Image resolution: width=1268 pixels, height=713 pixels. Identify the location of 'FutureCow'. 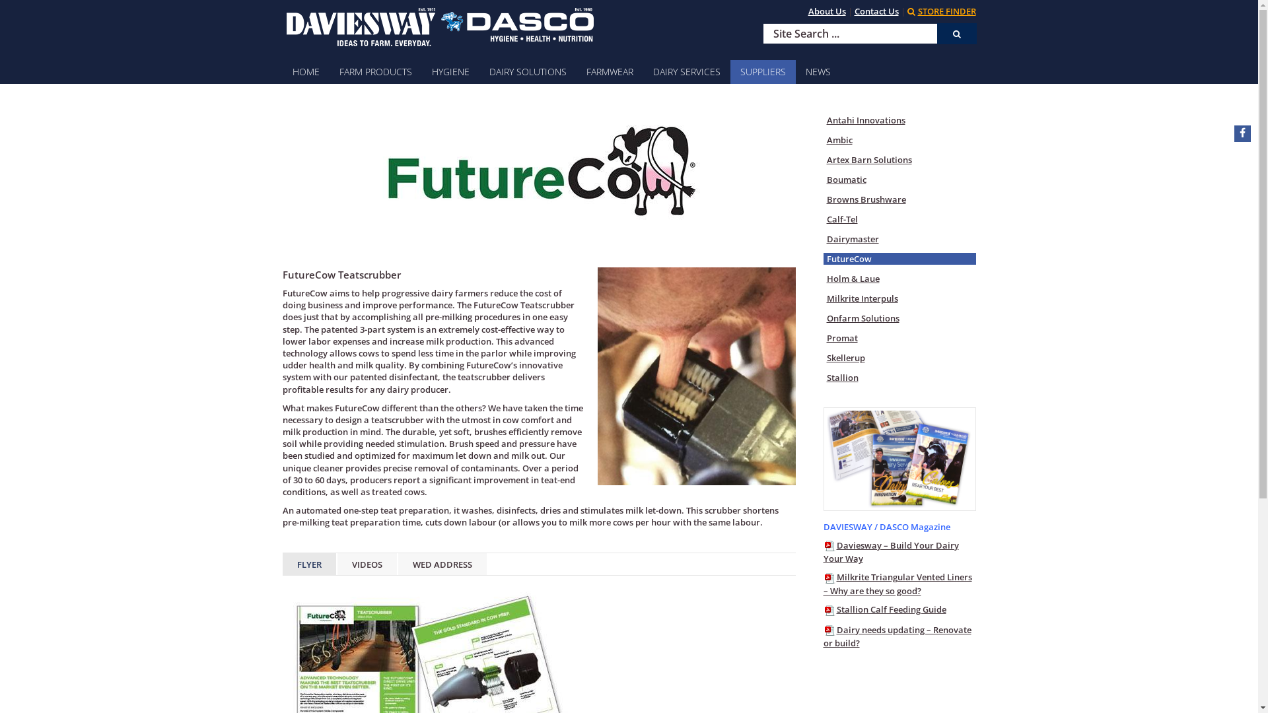
(898, 259).